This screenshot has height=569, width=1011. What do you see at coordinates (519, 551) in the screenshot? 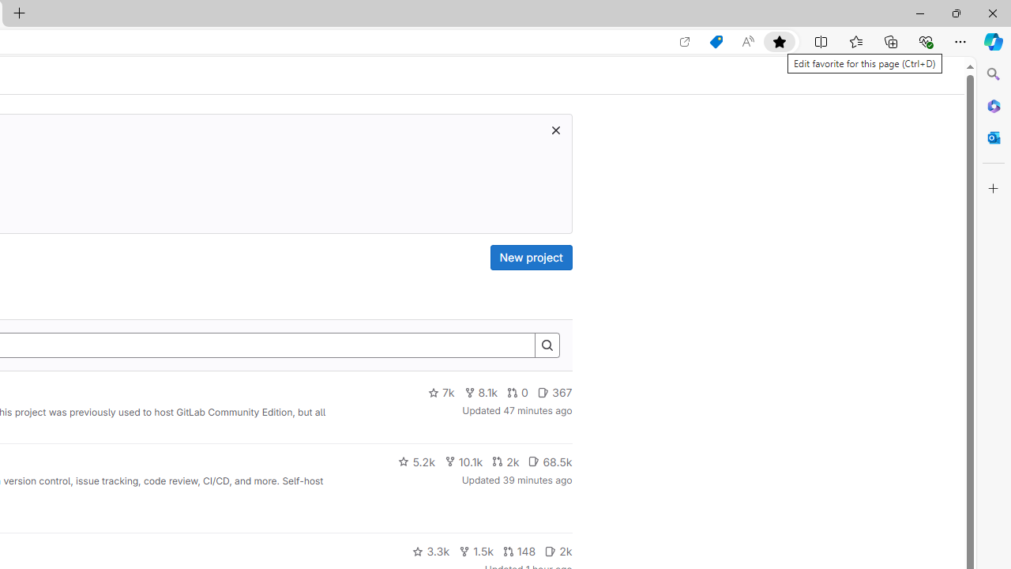
I see `'148'` at bounding box center [519, 551].